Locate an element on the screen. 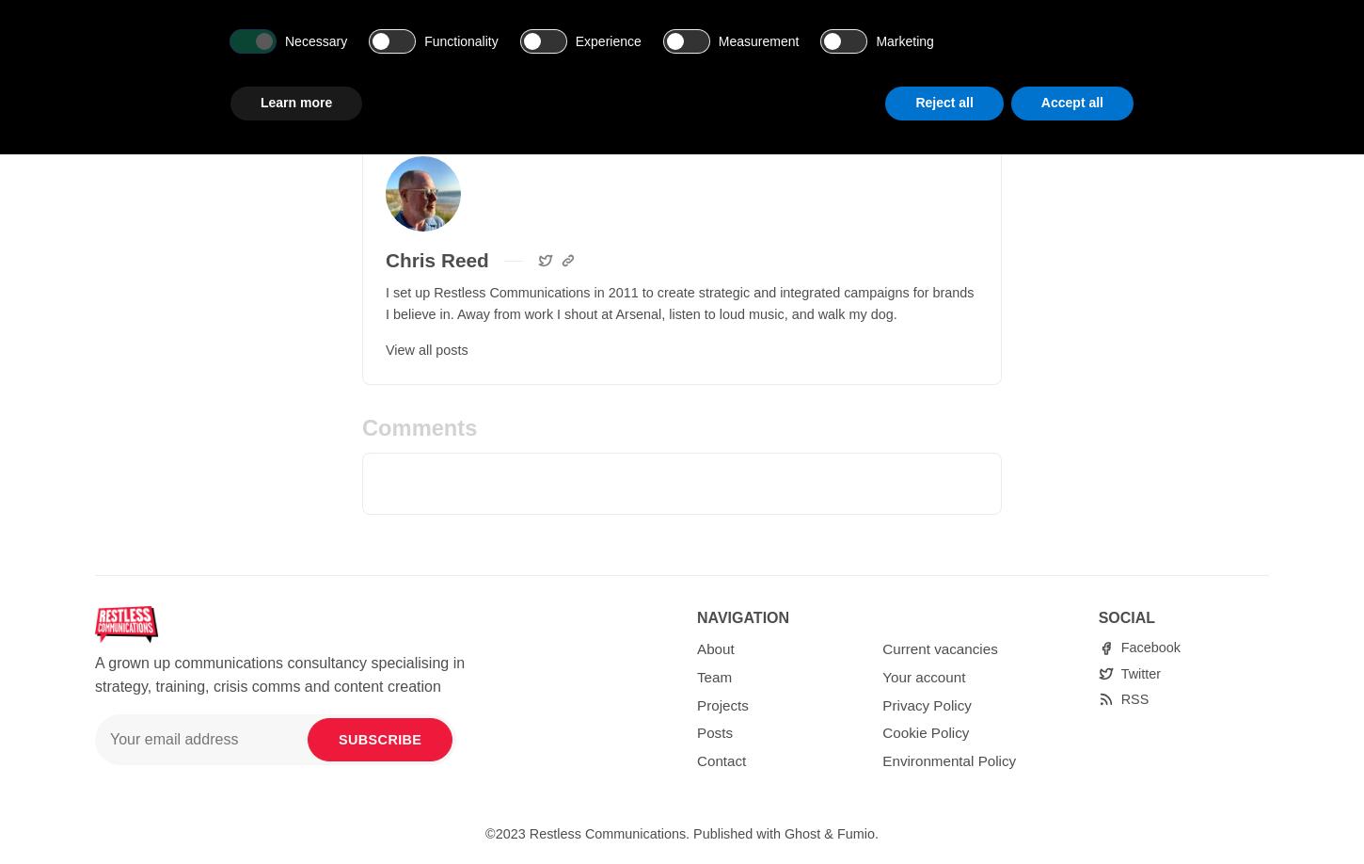  'social media training' is located at coordinates (649, 13).